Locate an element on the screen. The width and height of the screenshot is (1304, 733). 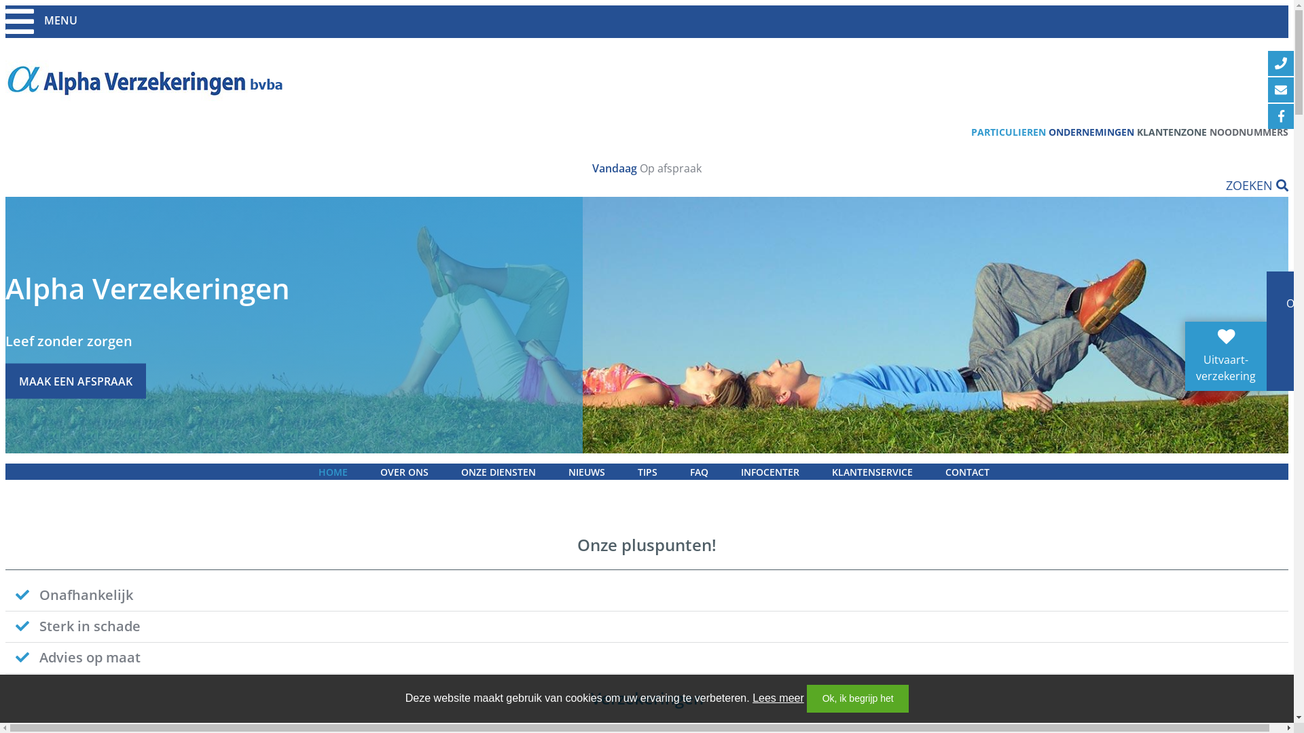
'FAQ' is located at coordinates (699, 471).